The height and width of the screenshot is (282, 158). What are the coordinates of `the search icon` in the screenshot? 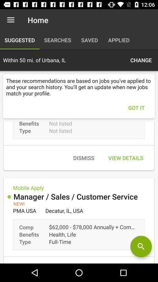 It's located at (141, 246).